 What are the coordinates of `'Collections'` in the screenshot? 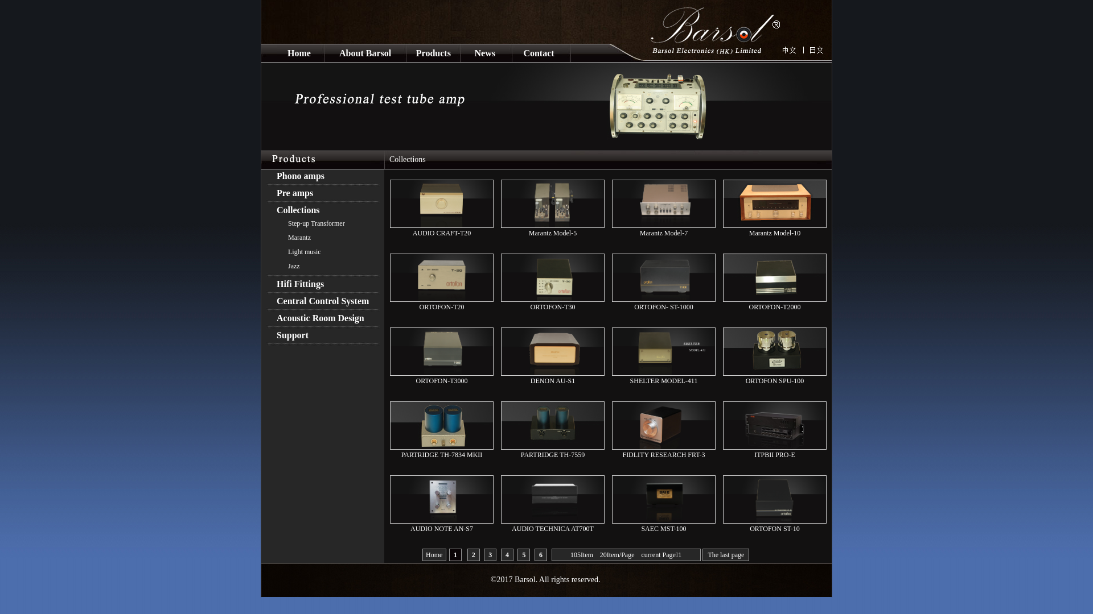 It's located at (407, 159).